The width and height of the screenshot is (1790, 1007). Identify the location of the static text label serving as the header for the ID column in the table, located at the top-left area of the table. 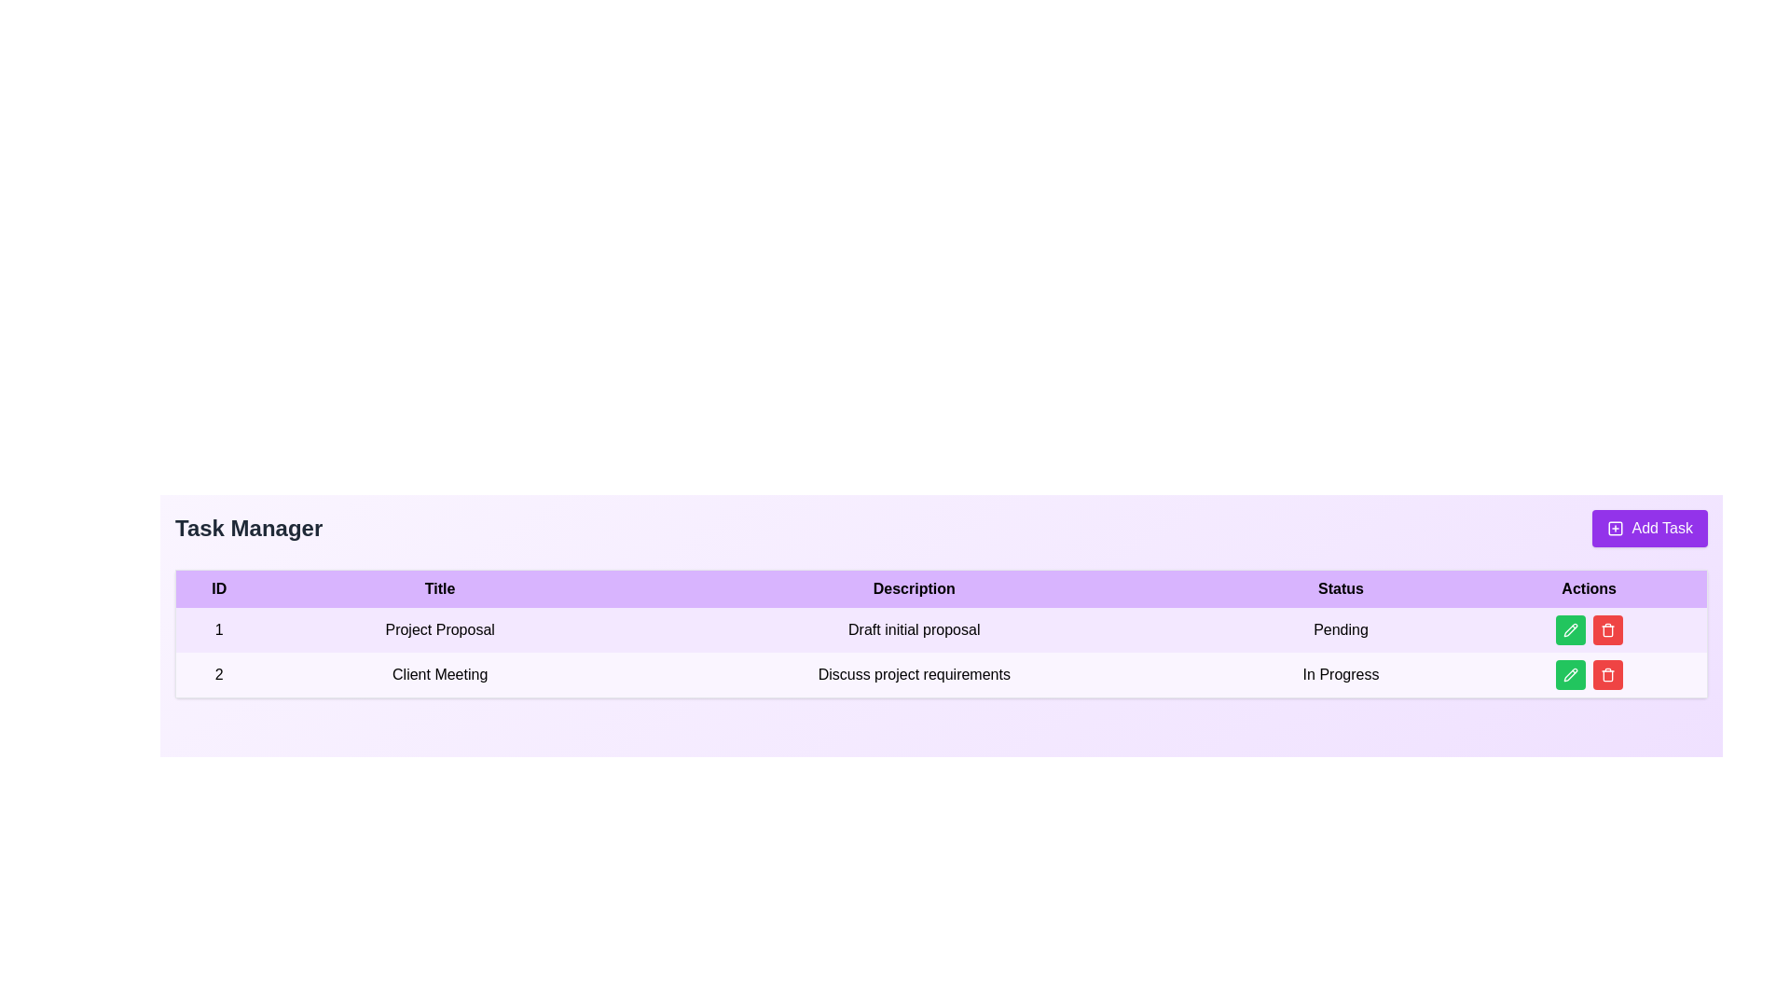
(219, 588).